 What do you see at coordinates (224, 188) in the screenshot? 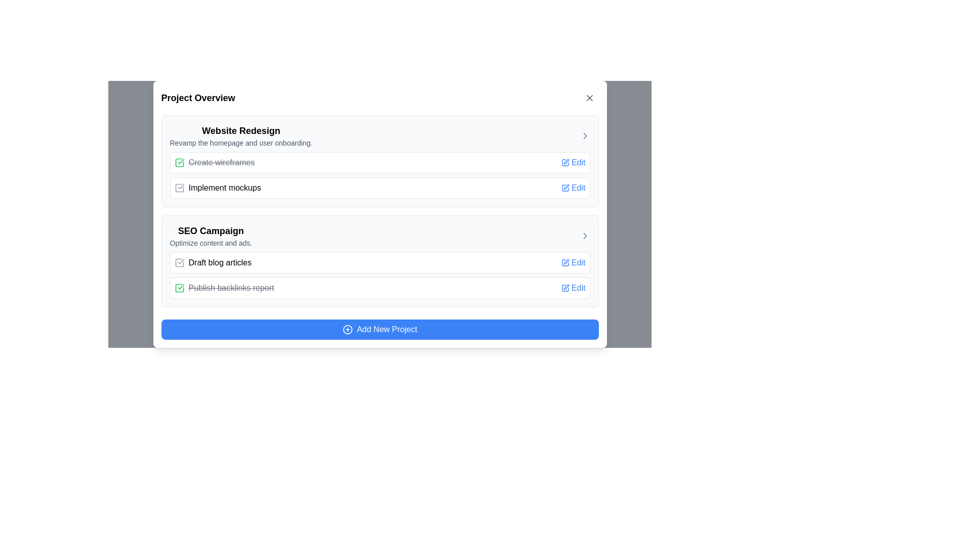
I see `the text label that describes a task item under the 'Website Redesign' section, positioned below 'Create wireframes'` at bounding box center [224, 188].